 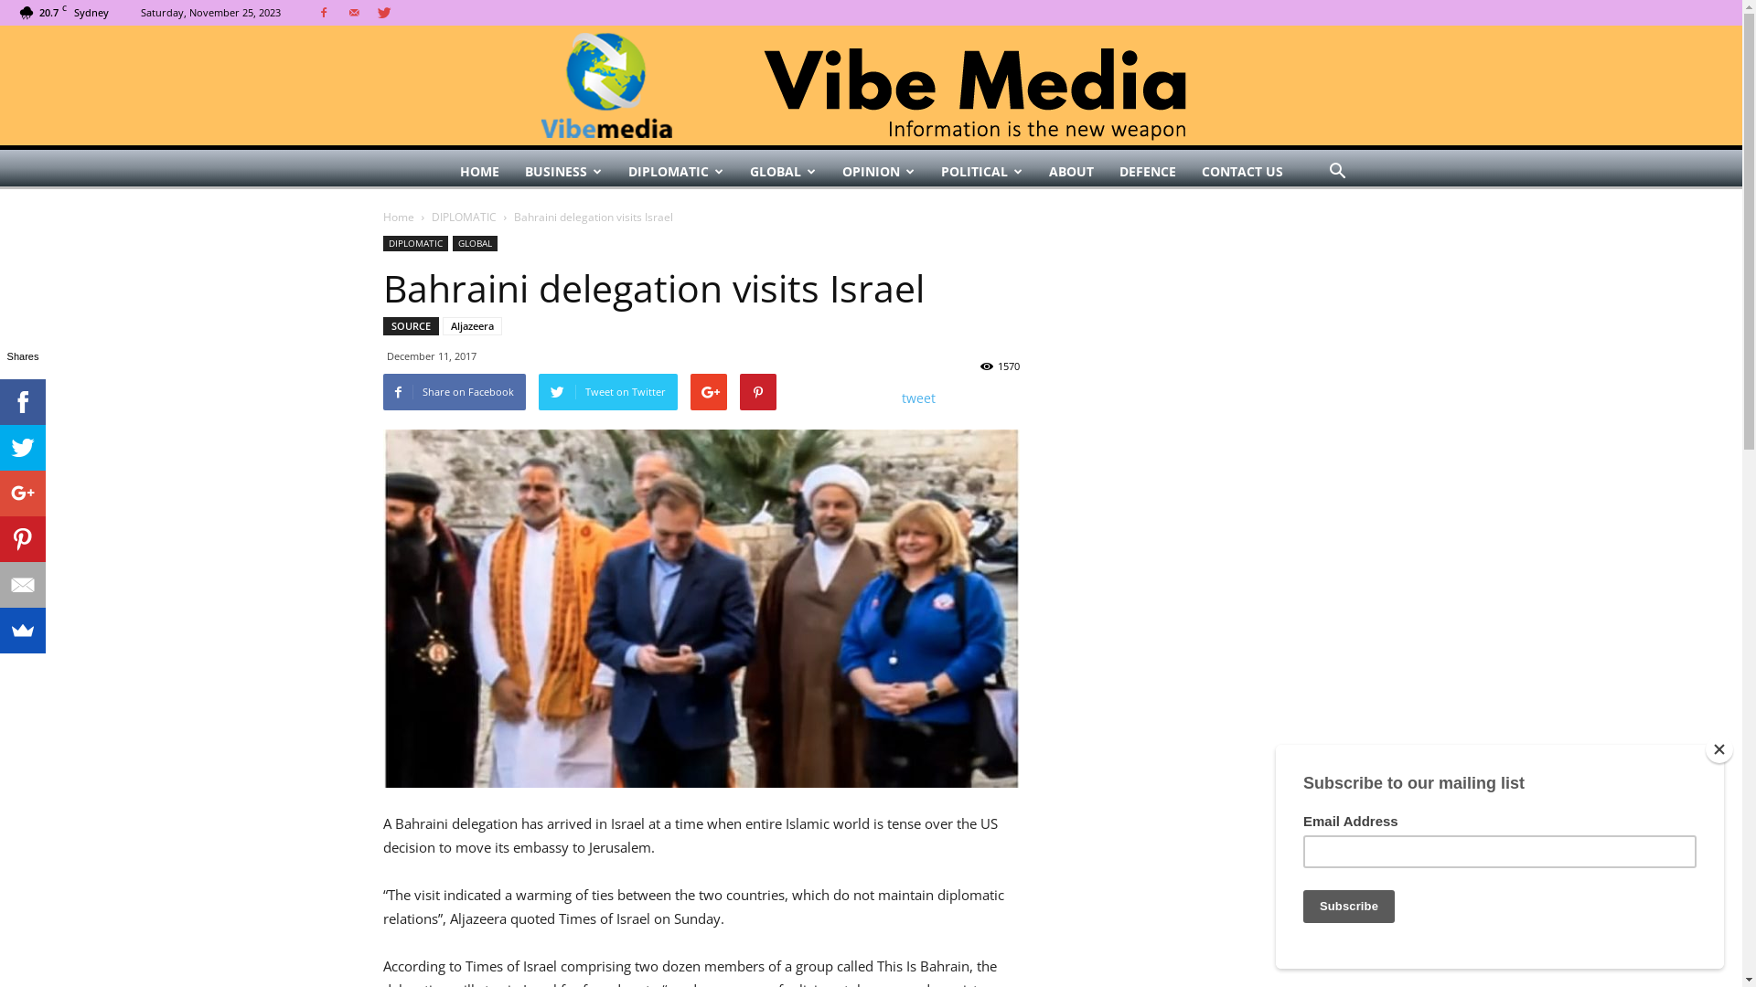 What do you see at coordinates (674, 172) in the screenshot?
I see `'DIPLOMATIC'` at bounding box center [674, 172].